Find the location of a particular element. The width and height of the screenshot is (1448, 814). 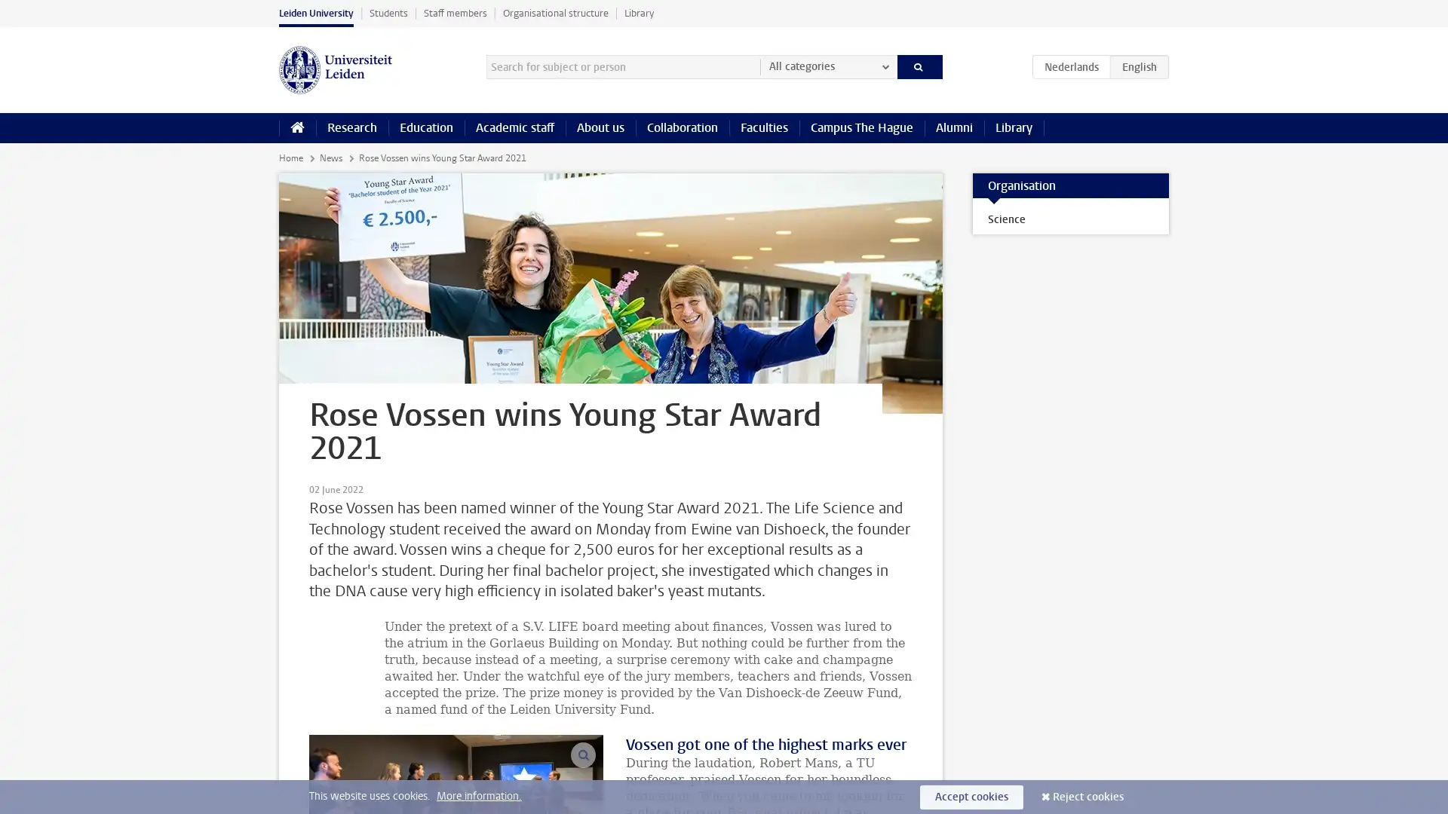

All categories is located at coordinates (827, 66).